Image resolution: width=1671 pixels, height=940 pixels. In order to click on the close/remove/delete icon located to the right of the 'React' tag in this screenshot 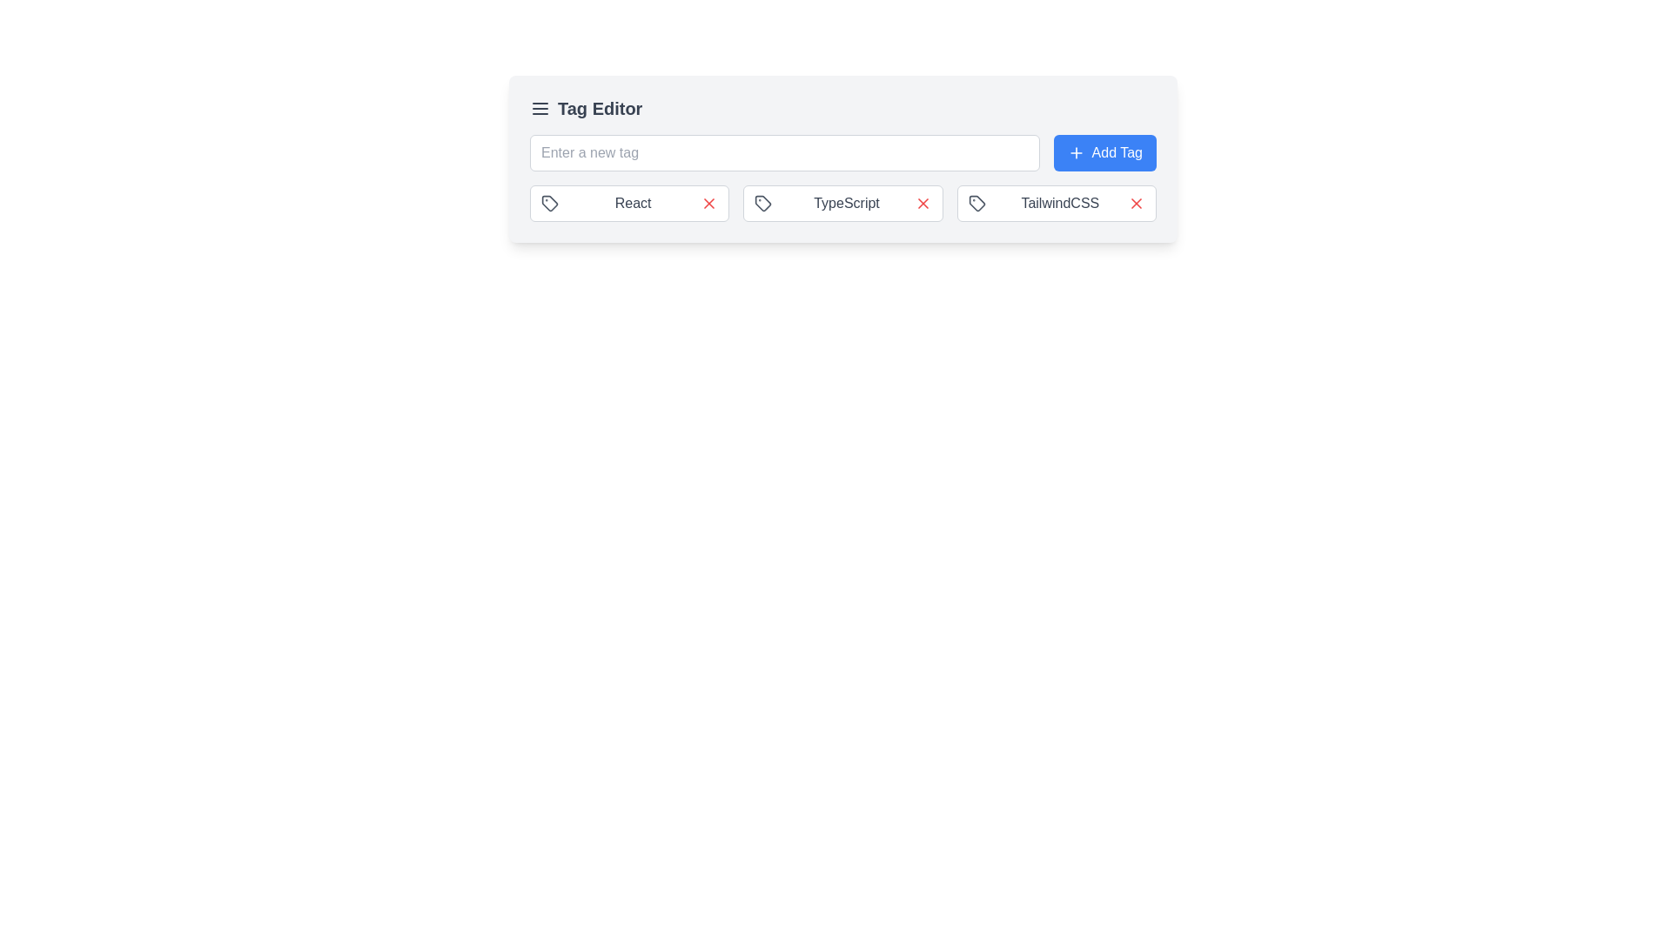, I will do `click(709, 203)`.